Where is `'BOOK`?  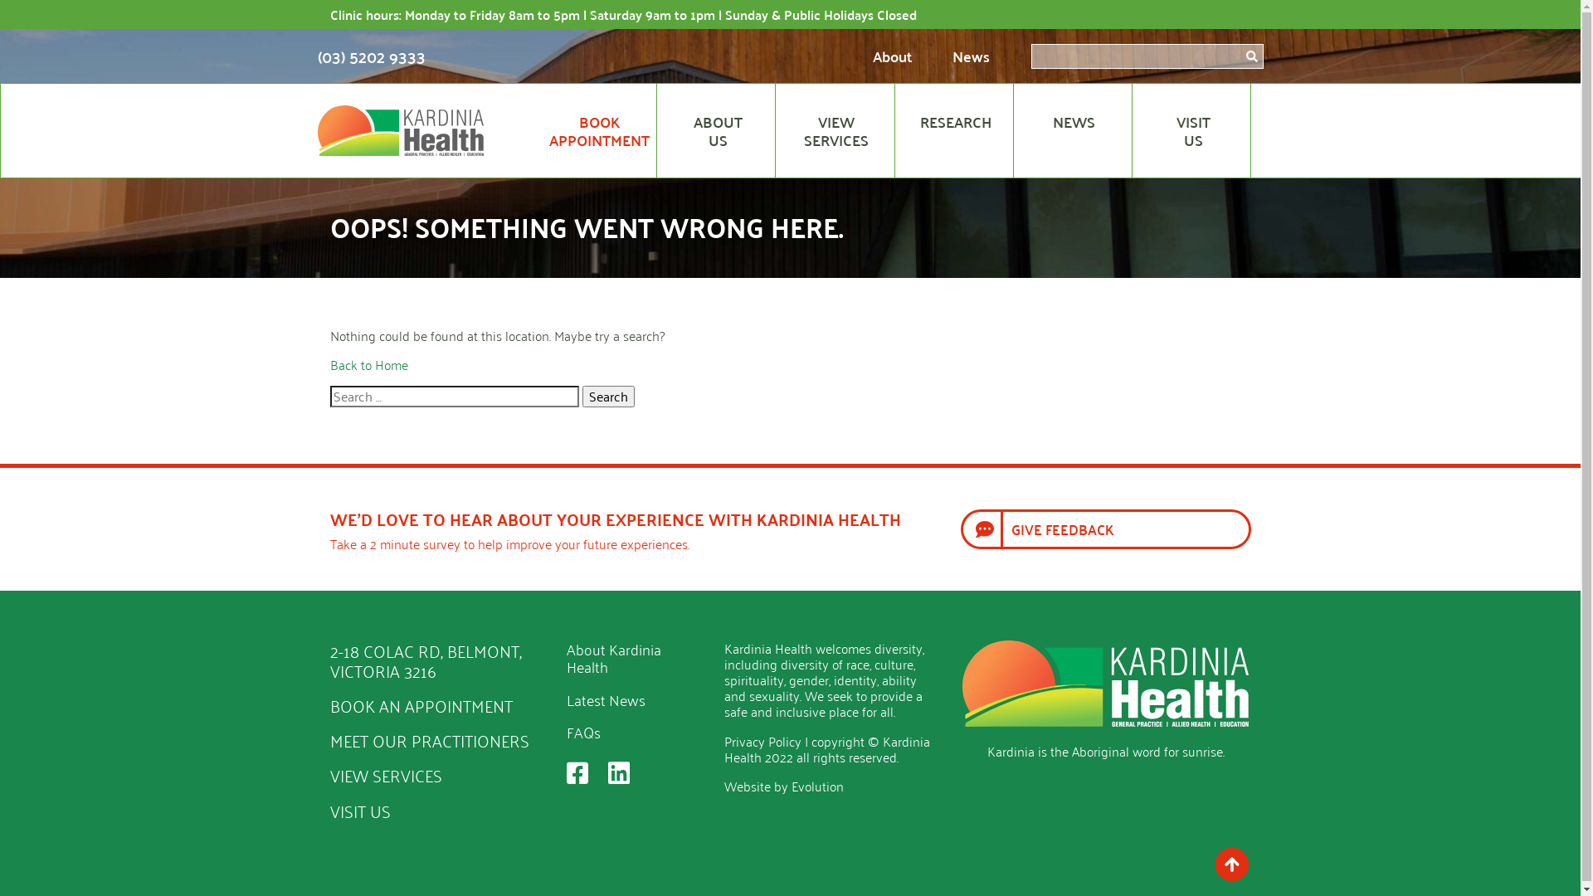 'BOOK is located at coordinates (597, 129).